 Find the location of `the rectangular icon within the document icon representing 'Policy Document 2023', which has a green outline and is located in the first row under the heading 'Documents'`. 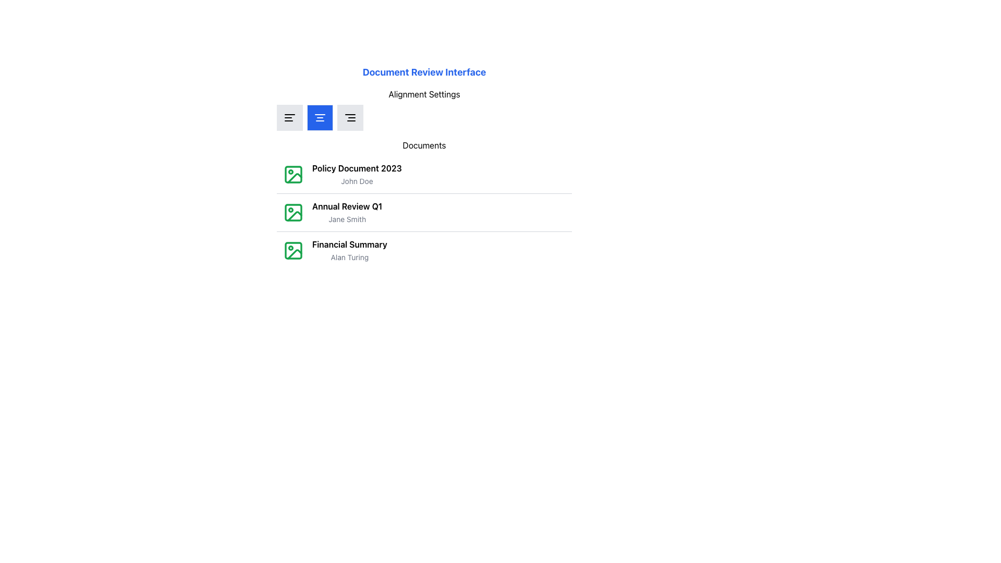

the rectangular icon within the document icon representing 'Policy Document 2023', which has a green outline and is located in the first row under the heading 'Documents' is located at coordinates (292, 174).